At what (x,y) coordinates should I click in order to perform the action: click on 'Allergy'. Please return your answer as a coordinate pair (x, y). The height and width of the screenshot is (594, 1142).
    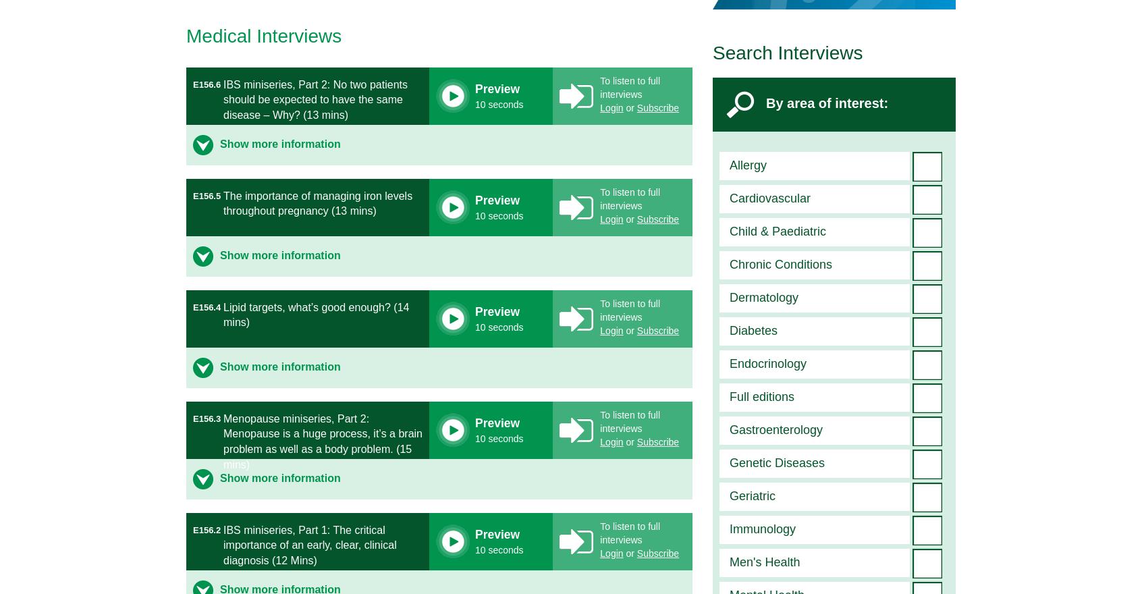
    Looking at the image, I should click on (748, 164).